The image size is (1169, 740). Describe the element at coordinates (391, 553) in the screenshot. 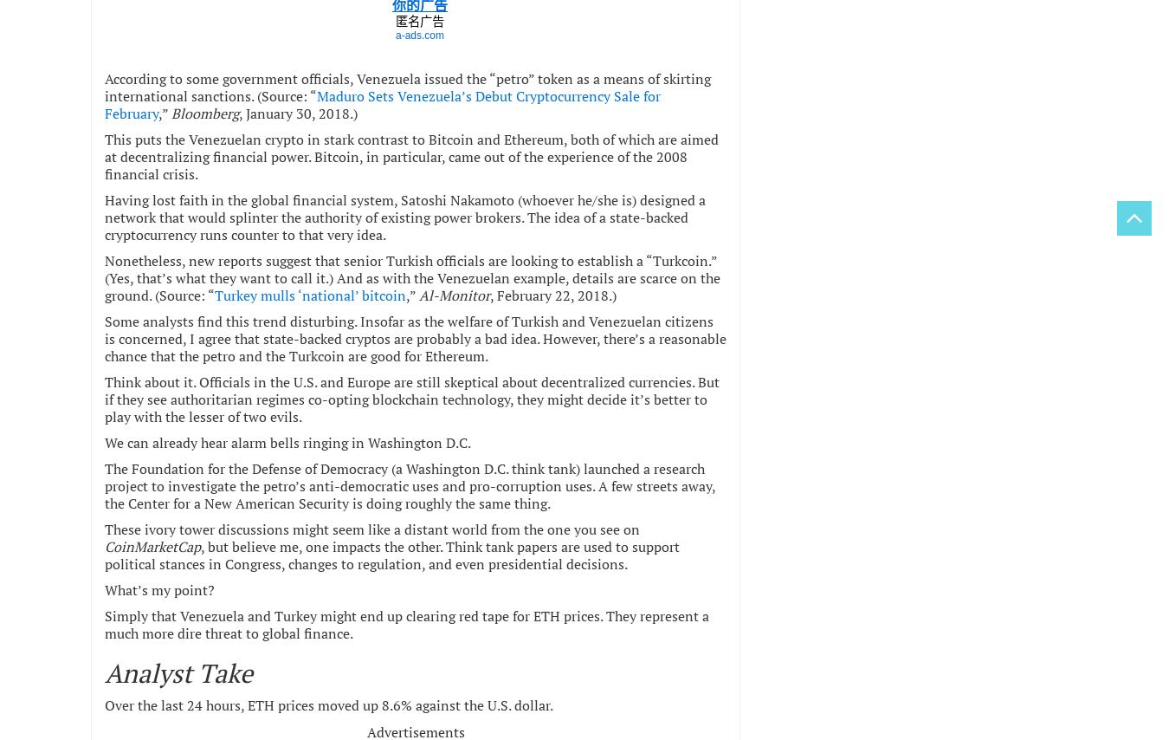

I see `', but believe me, one impacts the other. Think tank papers are used to support political stances in Congress, changes to regulation, and even presidential decisions.'` at that location.